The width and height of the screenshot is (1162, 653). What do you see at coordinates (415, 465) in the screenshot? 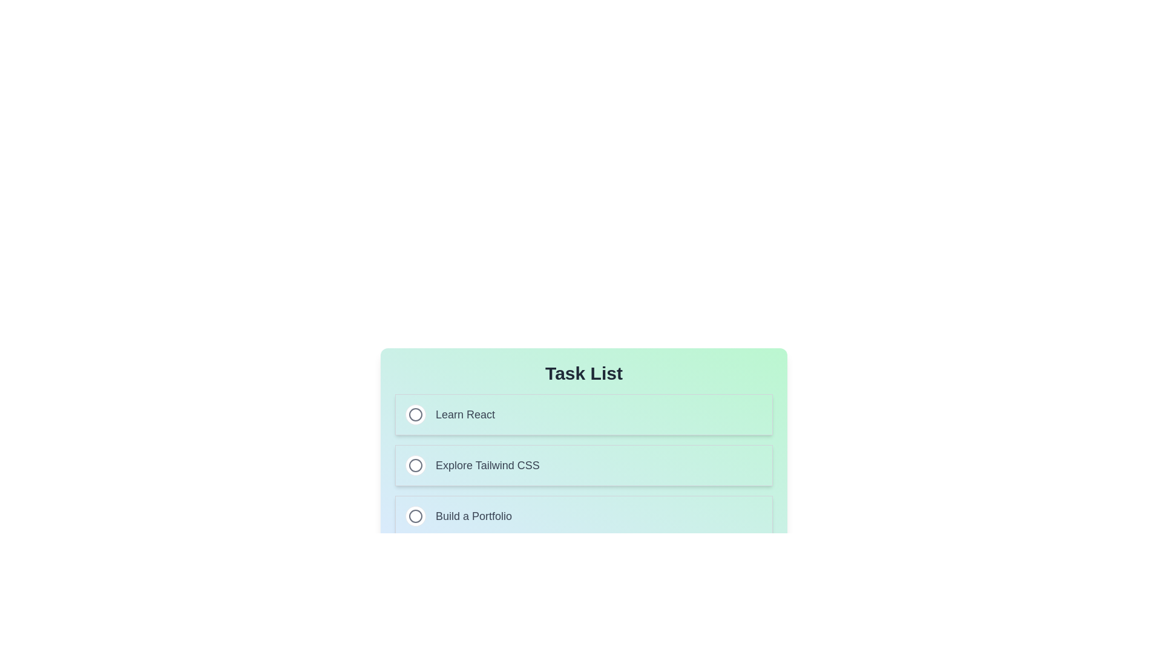
I see `the second circle in the vertical list of radio buttons` at bounding box center [415, 465].